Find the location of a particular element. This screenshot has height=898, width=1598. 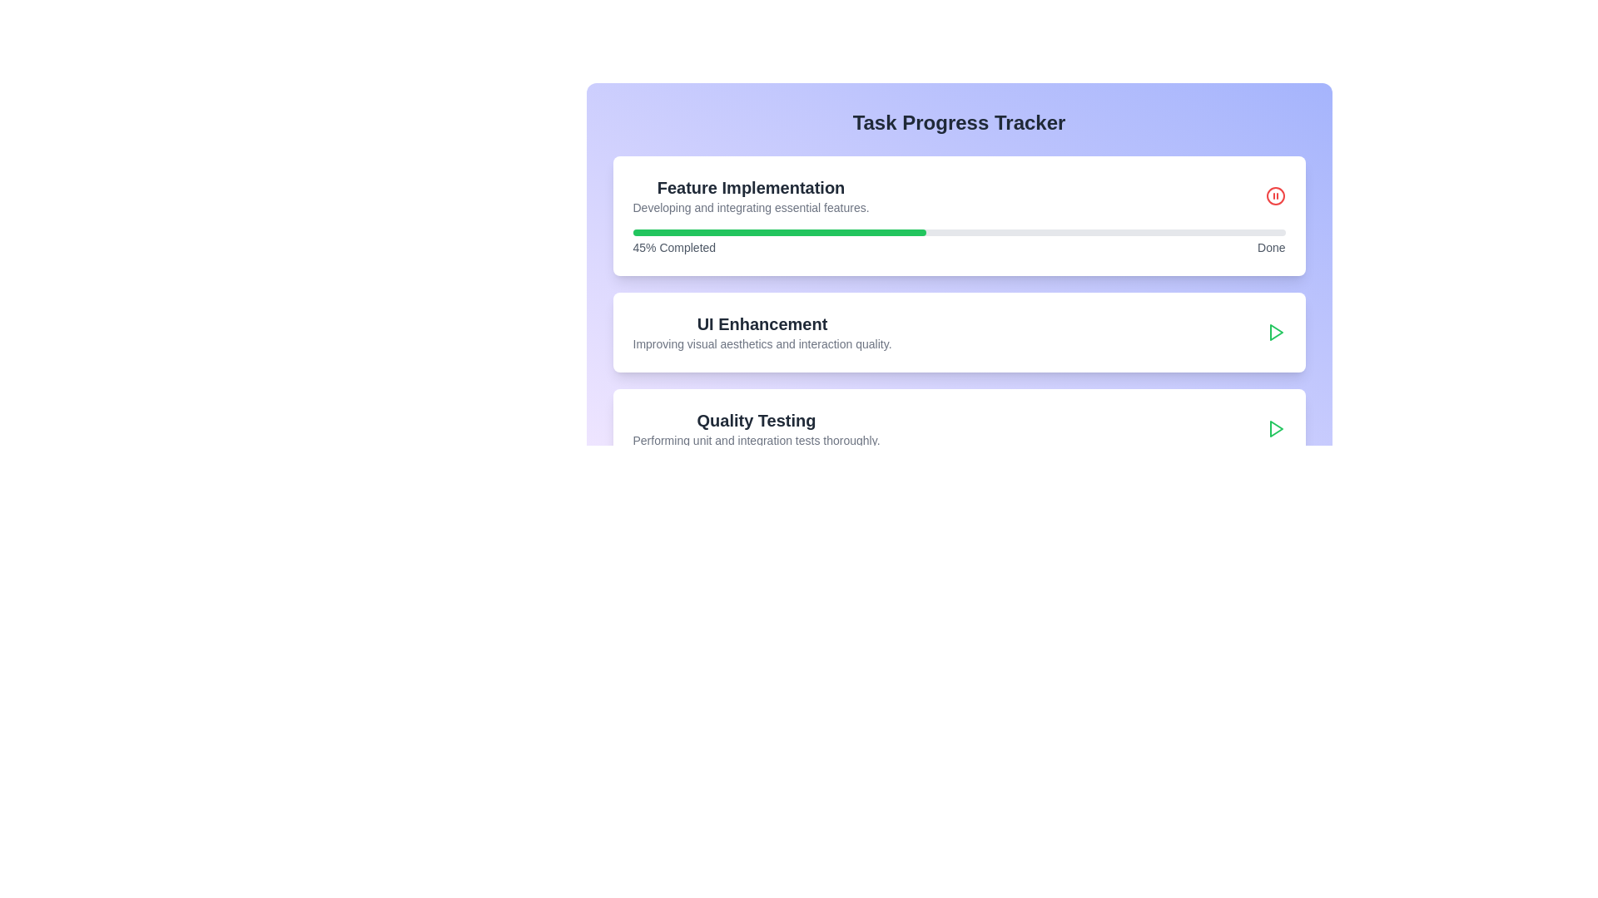

the progress bar indicating '45% Completed' is located at coordinates (959, 243).